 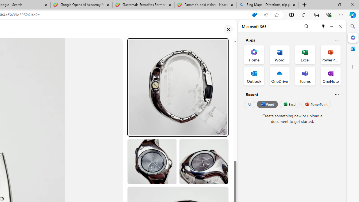 What do you see at coordinates (254, 76) in the screenshot?
I see `'Outlook Office App'` at bounding box center [254, 76].